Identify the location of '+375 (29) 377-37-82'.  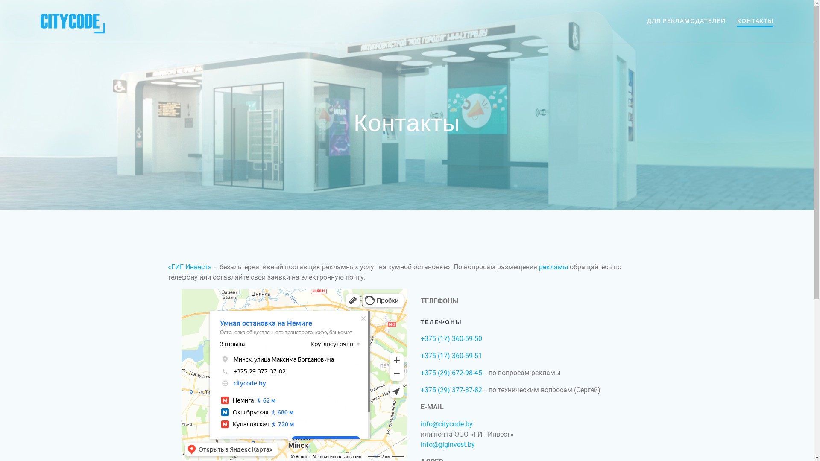
(451, 390).